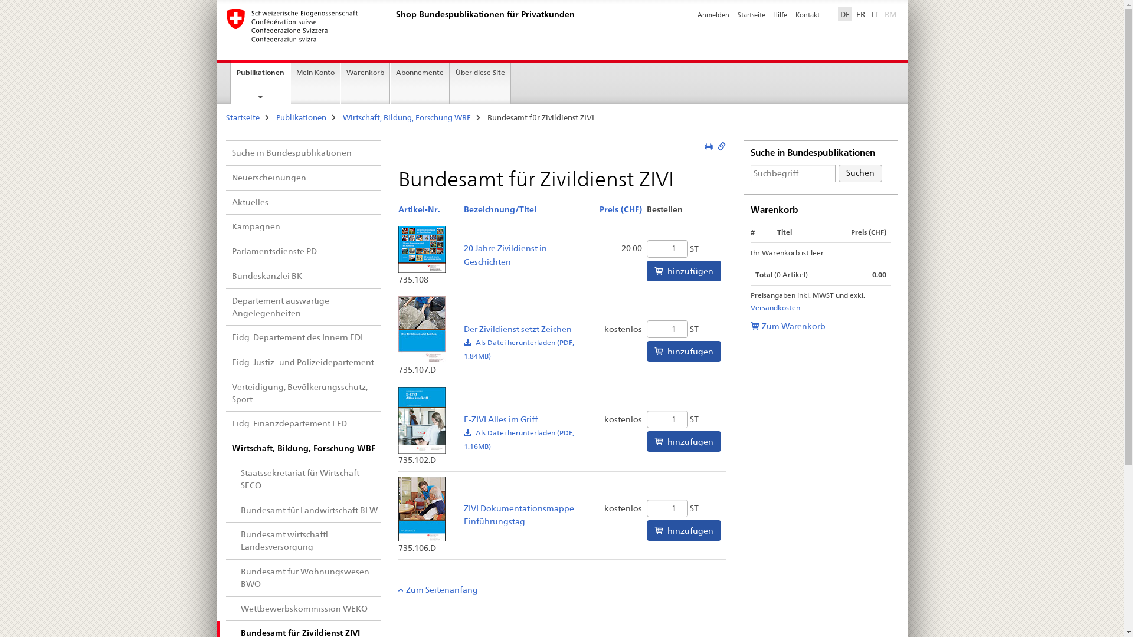 The width and height of the screenshot is (1133, 637). What do you see at coordinates (420, 83) in the screenshot?
I see `'Abonnemente'` at bounding box center [420, 83].